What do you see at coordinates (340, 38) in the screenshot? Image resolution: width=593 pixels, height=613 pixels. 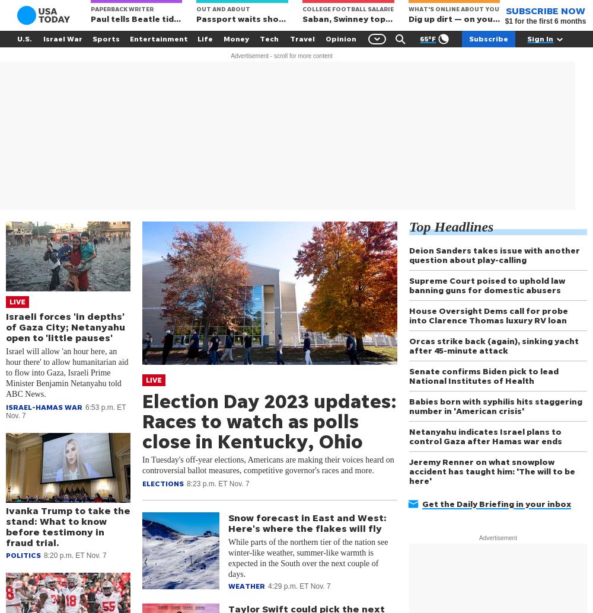 I see `'Opinion'` at bounding box center [340, 38].